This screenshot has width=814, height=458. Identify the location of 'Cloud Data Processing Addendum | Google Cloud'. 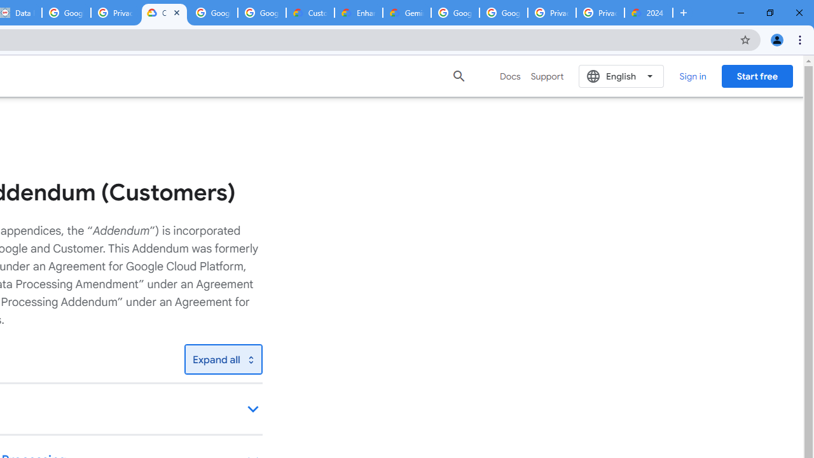
(163, 13).